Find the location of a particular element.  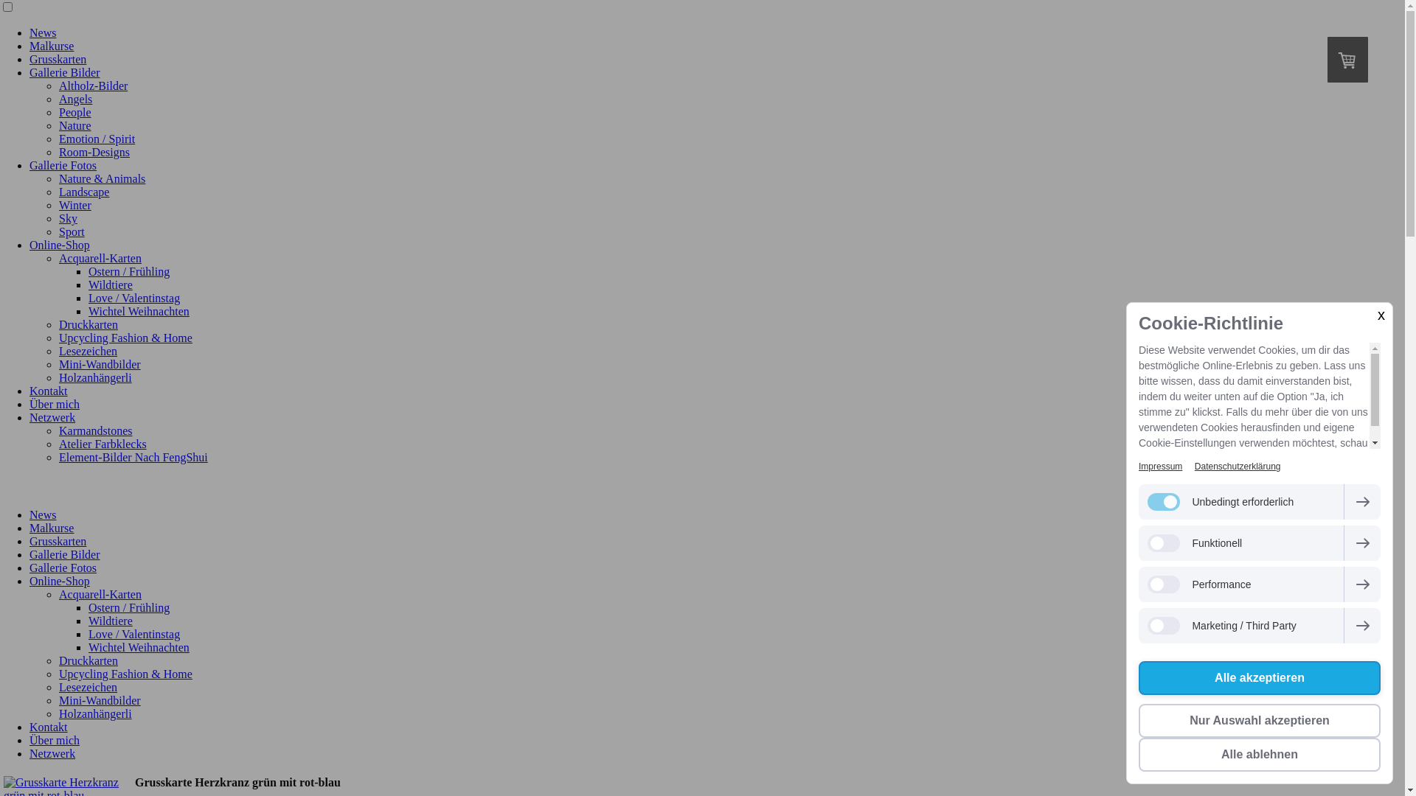

'Upcycling Fashion & Home' is located at coordinates (125, 338).